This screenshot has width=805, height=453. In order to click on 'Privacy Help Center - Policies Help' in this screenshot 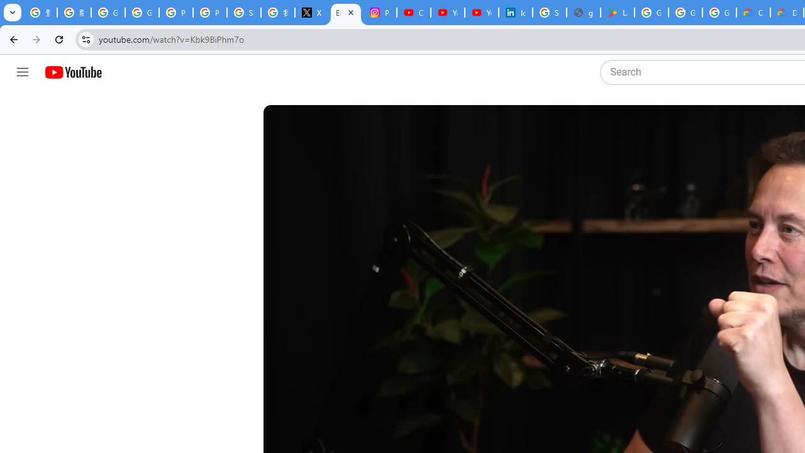, I will do `click(175, 13)`.